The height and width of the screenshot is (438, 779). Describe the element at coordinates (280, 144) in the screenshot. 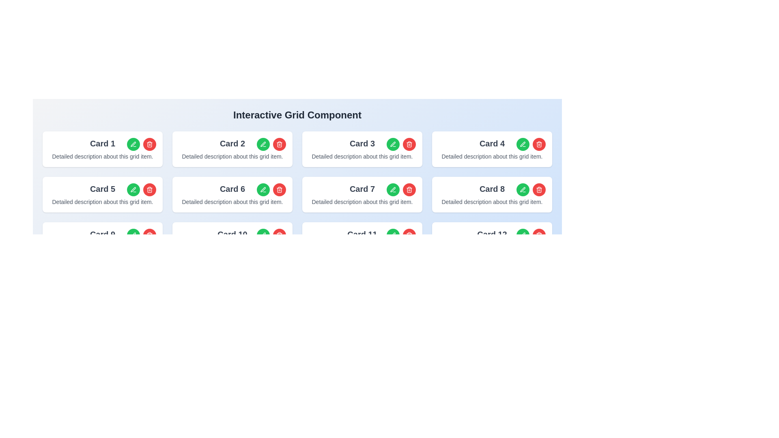

I see `the 'delete' button located in the top-right corner of the second card in the grid layout to observe the hover effect` at that location.